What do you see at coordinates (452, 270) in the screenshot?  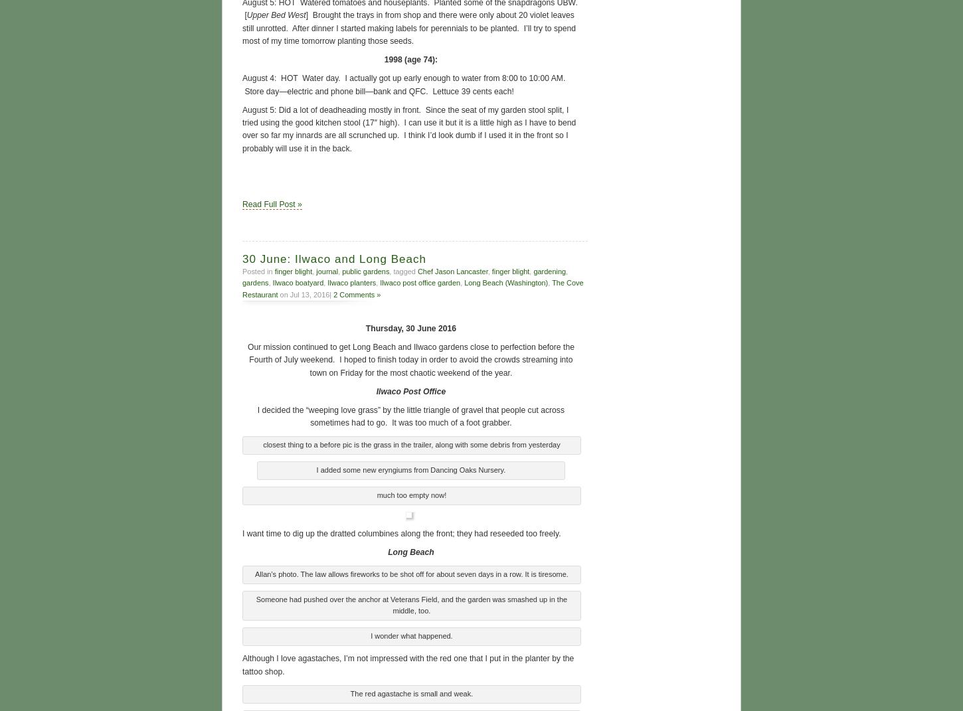 I see `'Chef Jason Lancaster'` at bounding box center [452, 270].